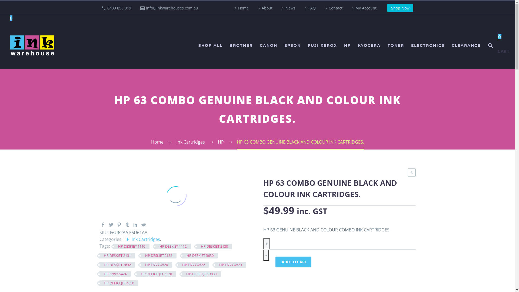 This screenshot has height=292, width=519. I want to click on 'FAQ', so click(310, 8).